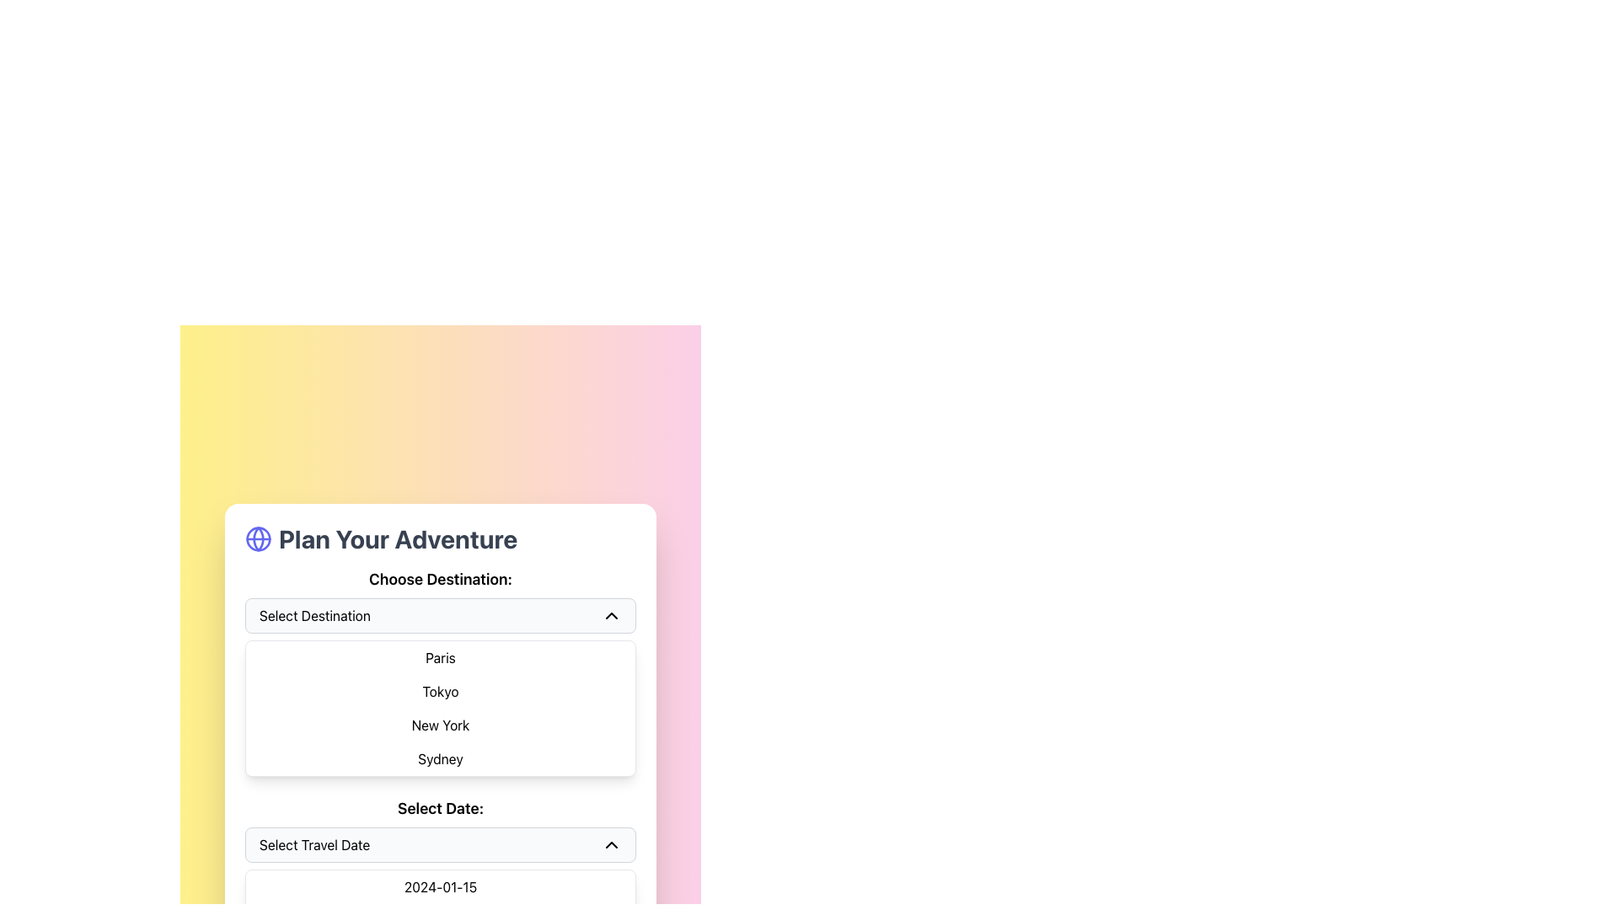 The height and width of the screenshot is (910, 1618). Describe the element at coordinates (258, 539) in the screenshot. I see `the filled circle element that is part of the globe icon, located near the center of the icon to the left of the 'Plan Your Adventure' text` at that location.